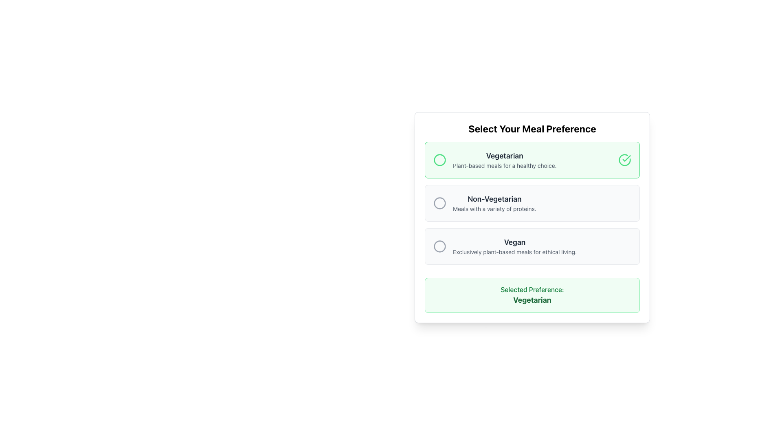  What do you see at coordinates (504, 160) in the screenshot?
I see `information displayed on the 'Vegetarian' text element, which includes a bold title and a subtitle indicating plant-based meals for a healthy choice` at bounding box center [504, 160].